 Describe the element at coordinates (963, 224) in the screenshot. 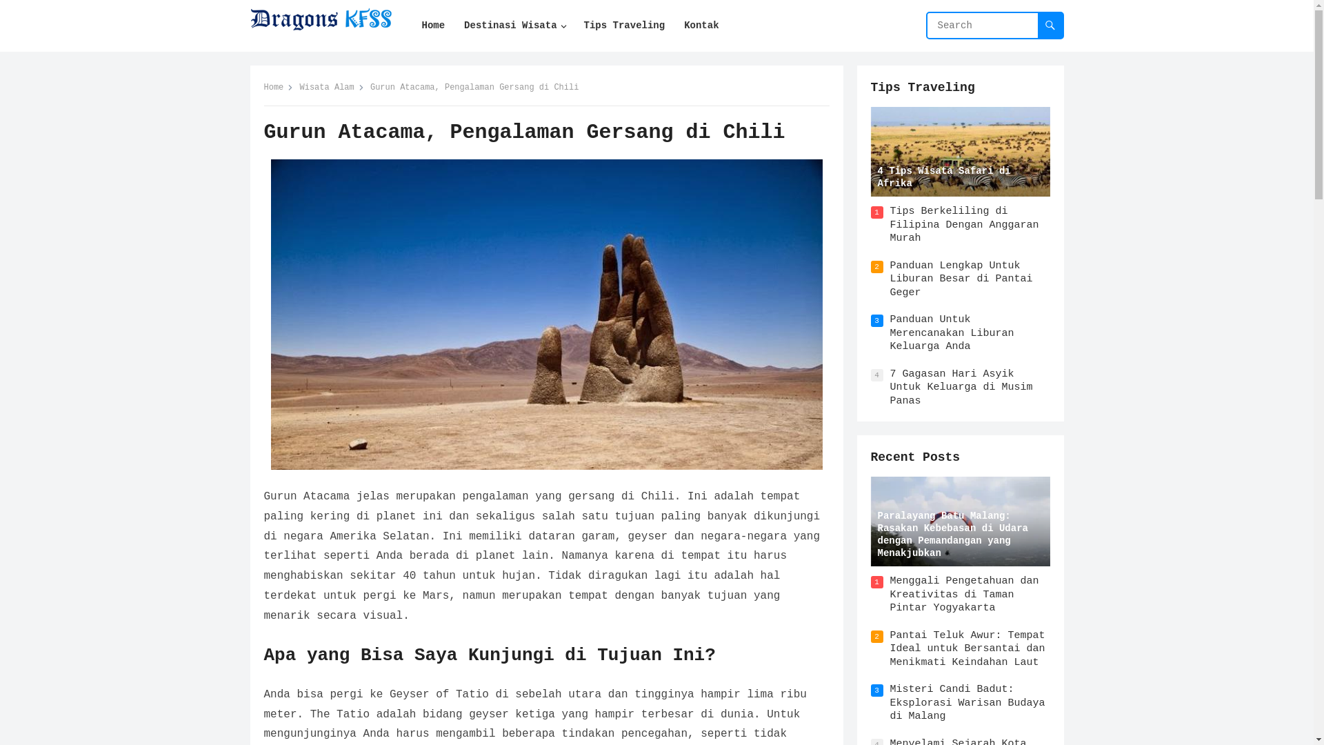

I see `'Tips Berkeliling di Filipina Dengan Anggaran Murah'` at that location.